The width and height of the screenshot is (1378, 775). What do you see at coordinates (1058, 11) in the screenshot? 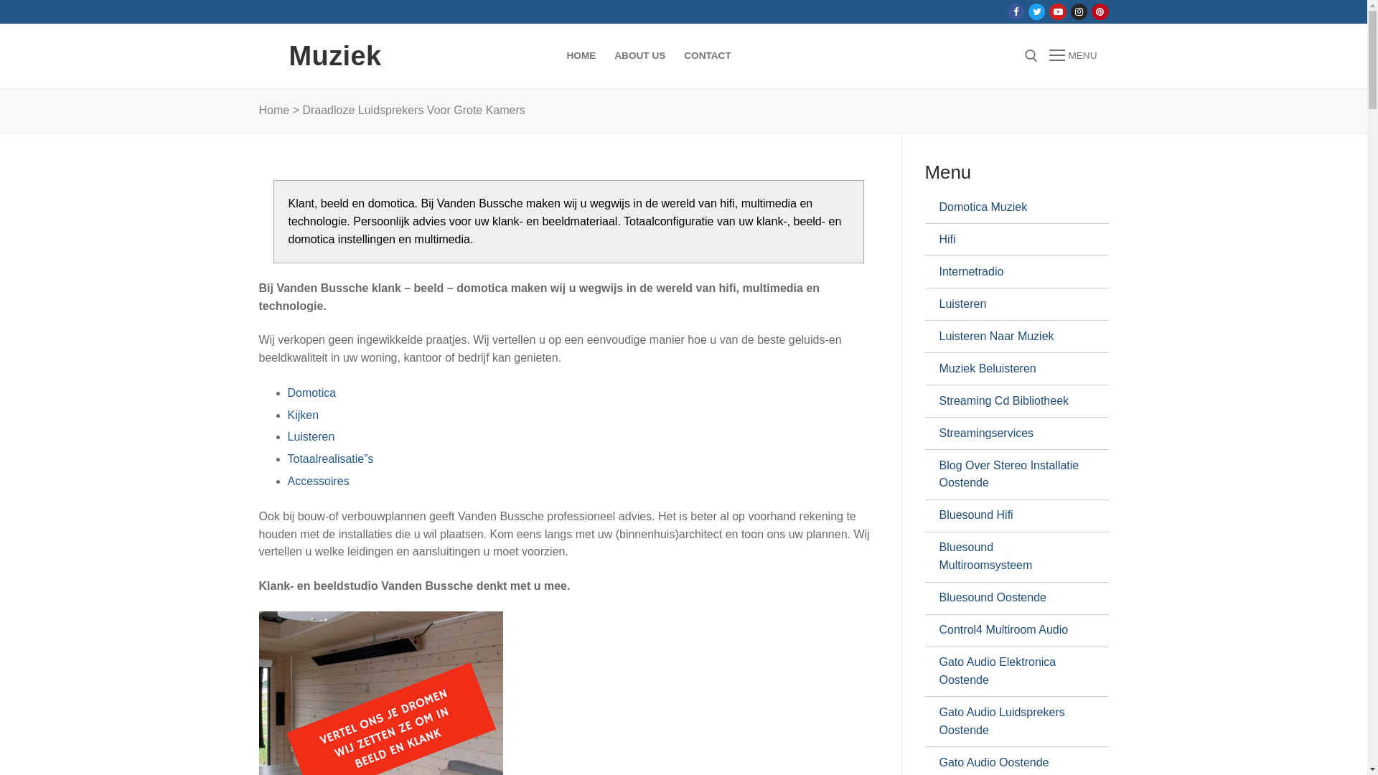
I see `'Youtube'` at bounding box center [1058, 11].